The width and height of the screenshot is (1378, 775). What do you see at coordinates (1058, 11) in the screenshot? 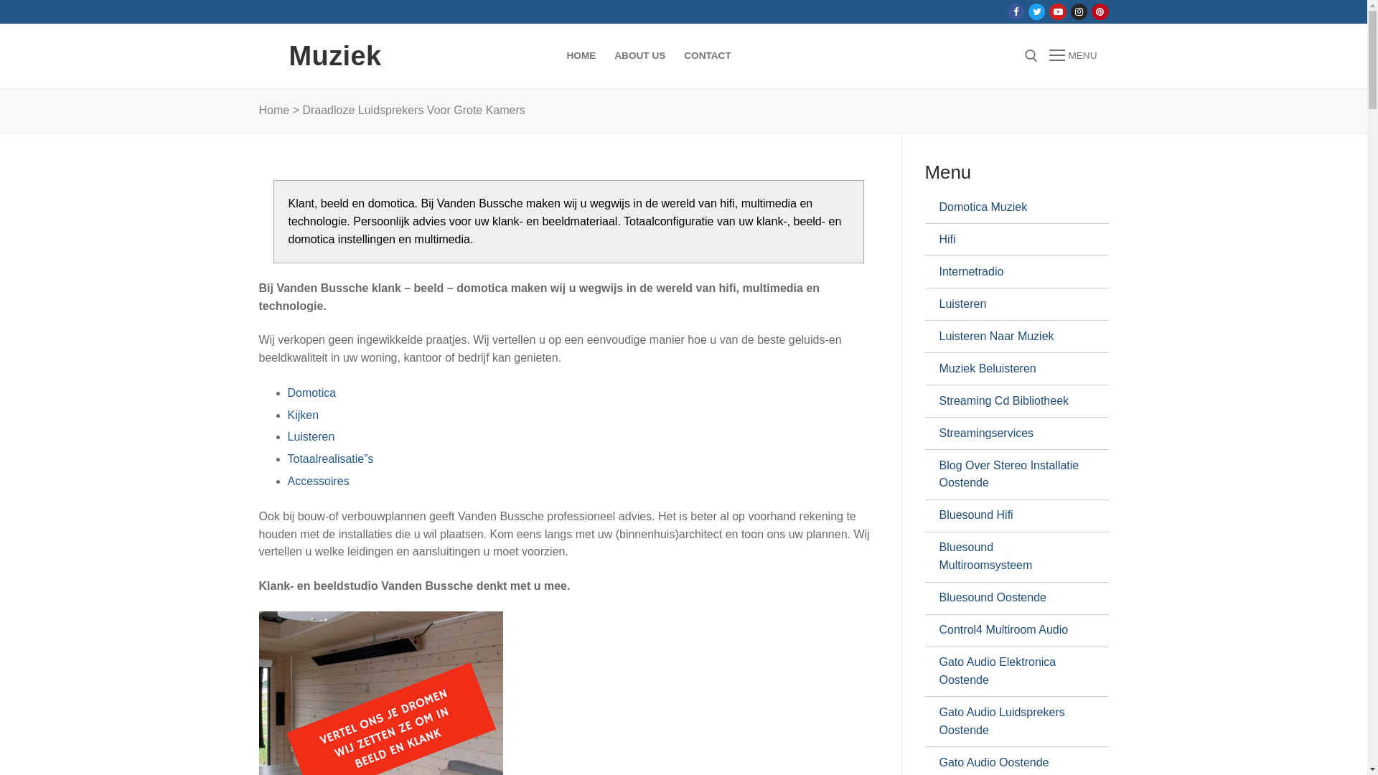
I see `'Youtube'` at bounding box center [1058, 11].